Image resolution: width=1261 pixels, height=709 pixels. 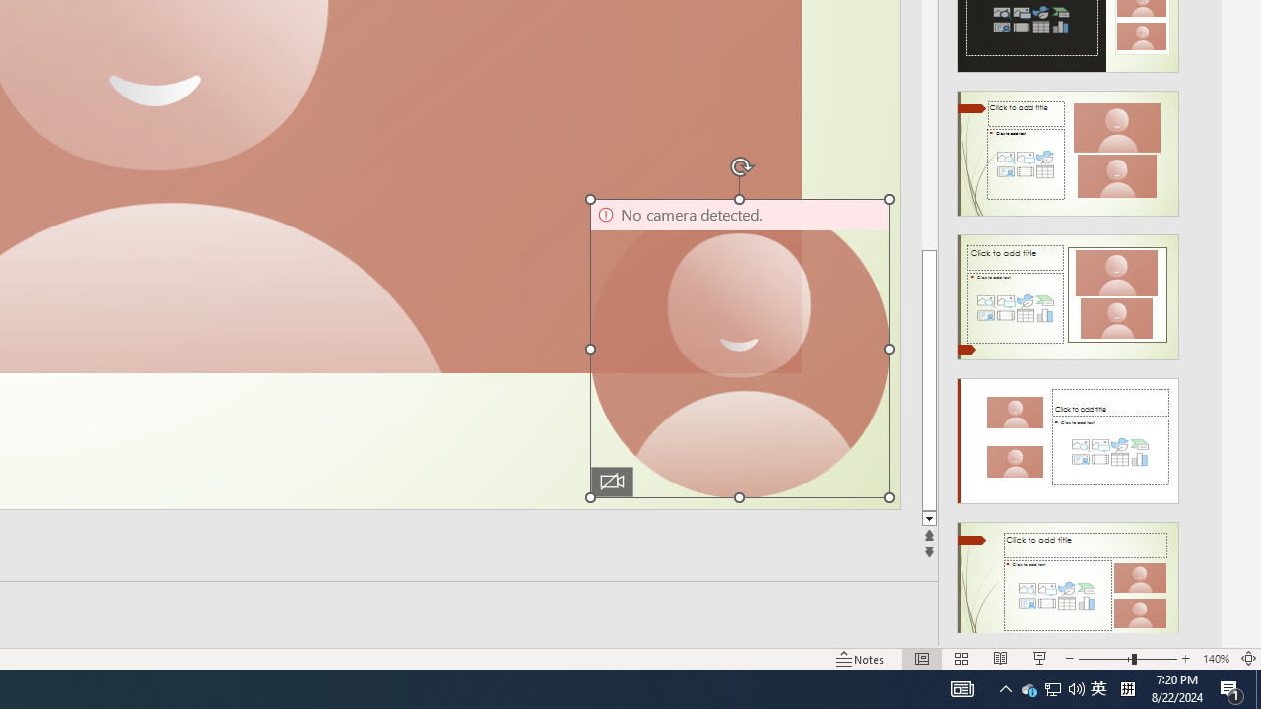 I want to click on 'Slide Sorter', so click(x=962, y=659).